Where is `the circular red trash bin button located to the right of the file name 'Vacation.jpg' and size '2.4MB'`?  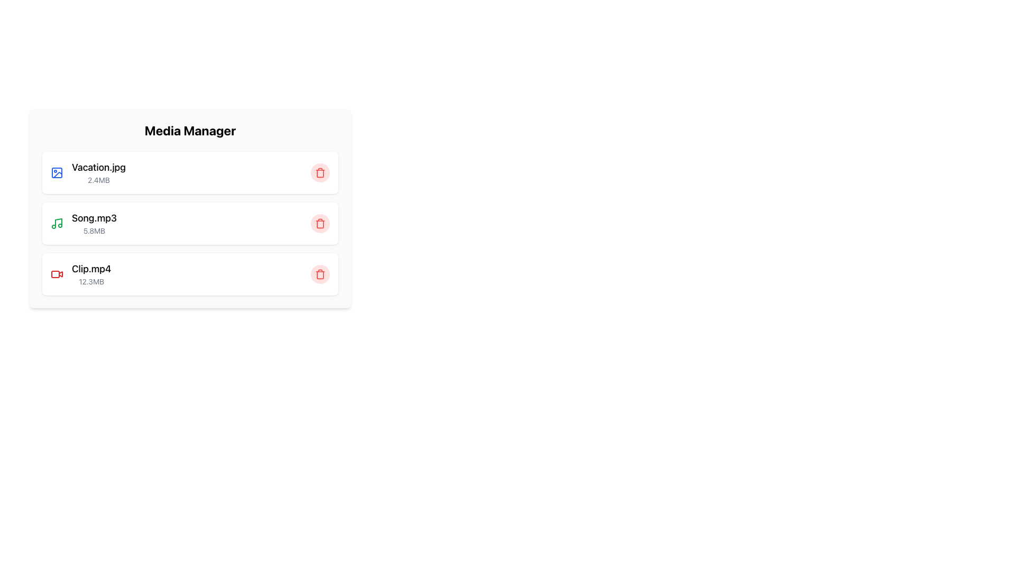 the circular red trash bin button located to the right of the file name 'Vacation.jpg' and size '2.4MB' is located at coordinates (319, 172).